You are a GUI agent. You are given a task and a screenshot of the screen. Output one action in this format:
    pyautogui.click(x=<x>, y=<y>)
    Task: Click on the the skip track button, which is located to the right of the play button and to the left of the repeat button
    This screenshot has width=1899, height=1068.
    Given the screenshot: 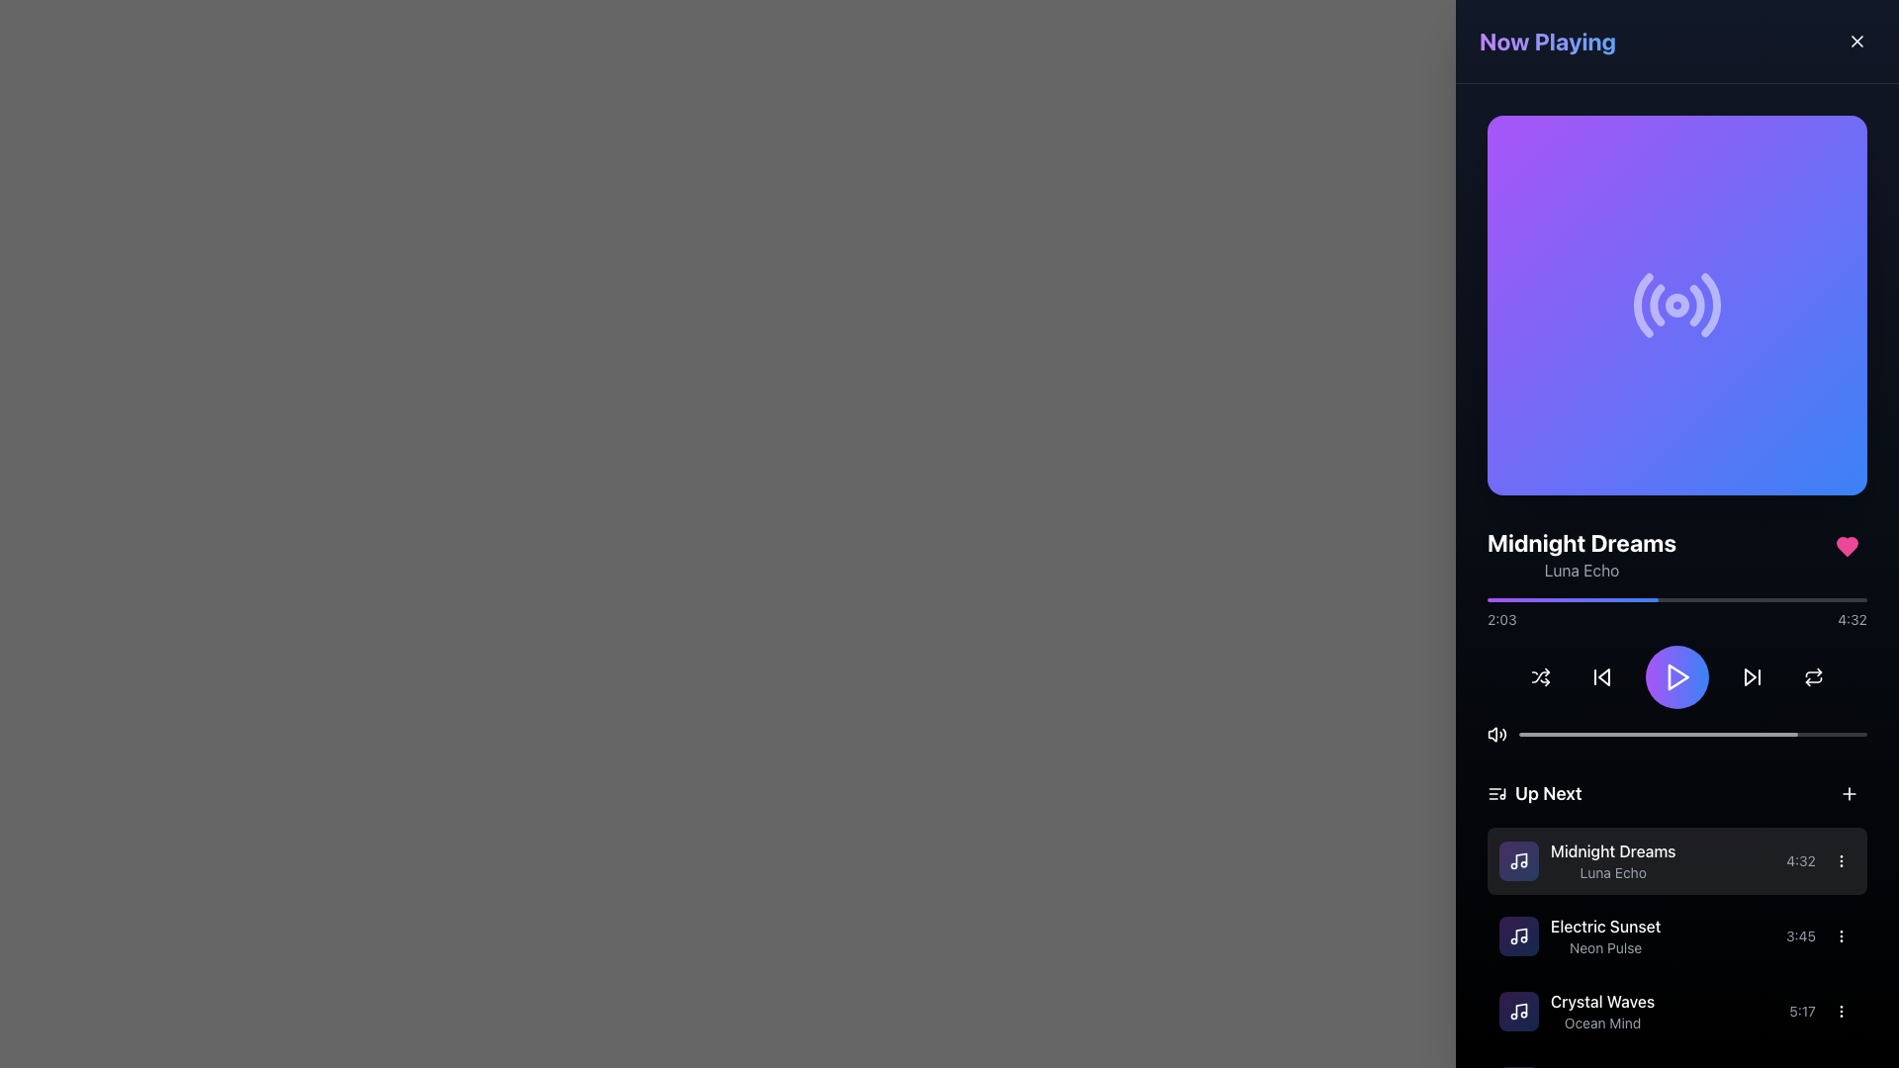 What is the action you would take?
    pyautogui.click(x=1751, y=676)
    